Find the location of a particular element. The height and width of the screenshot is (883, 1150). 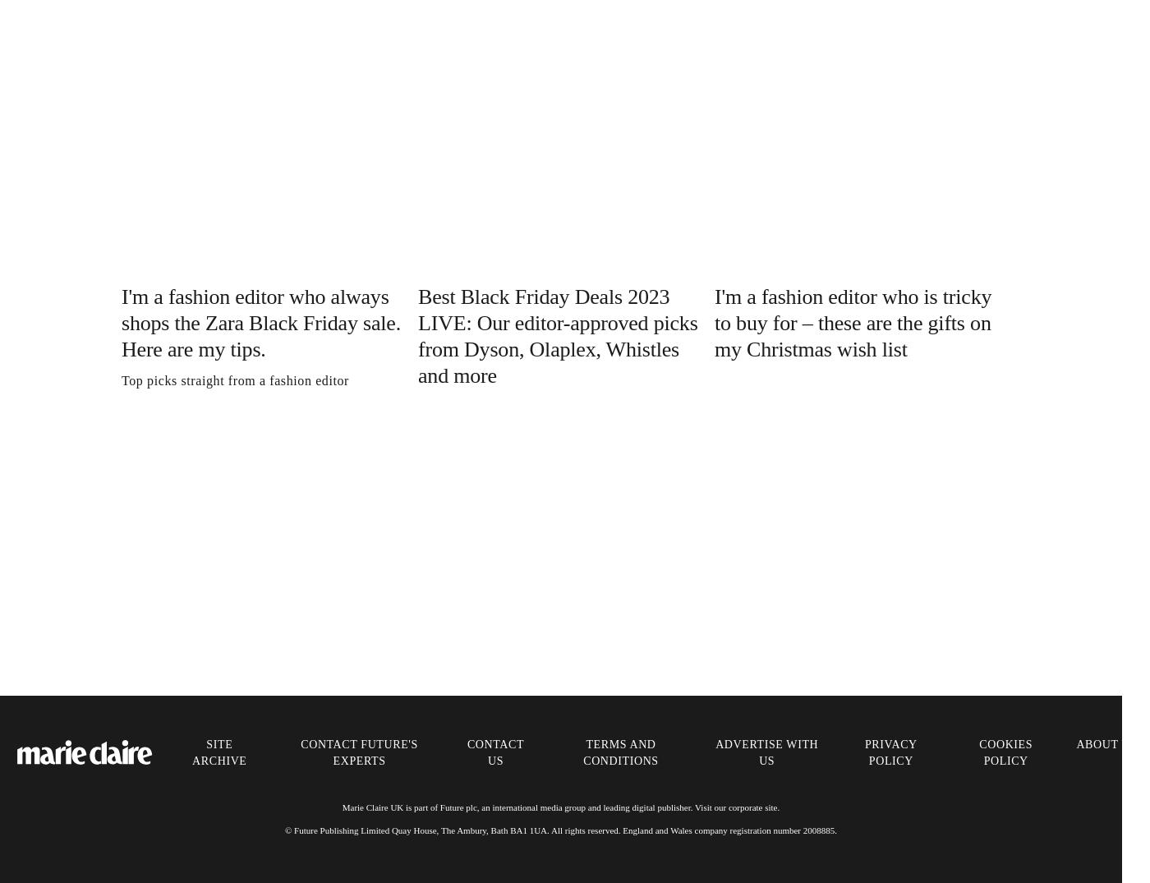

'Marie Claire UK is part of Future plc, an international media group and leading digital publisher.' is located at coordinates (341, 806).